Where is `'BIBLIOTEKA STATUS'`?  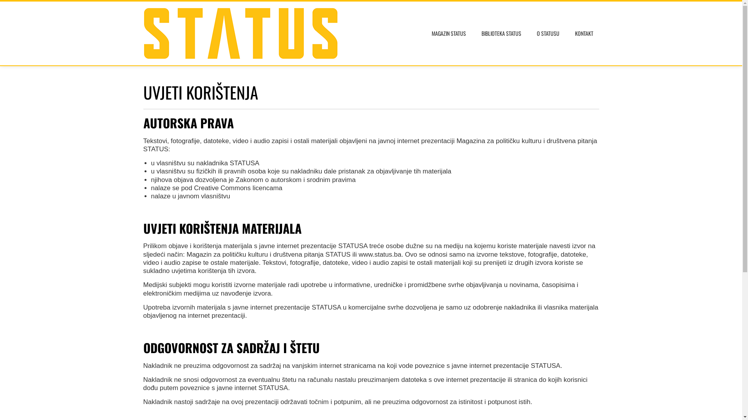 'BIBLIOTEKA STATUS' is located at coordinates (501, 33).